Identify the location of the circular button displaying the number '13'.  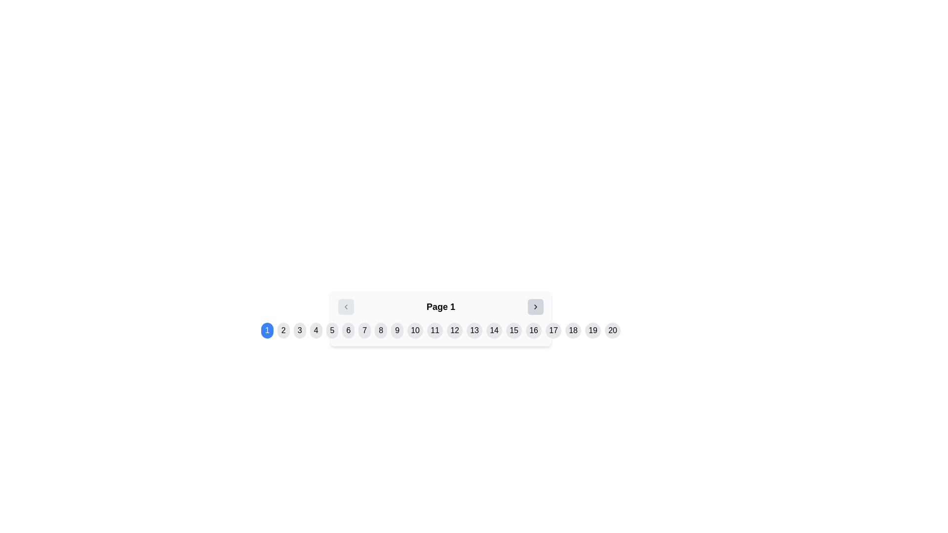
(474, 331).